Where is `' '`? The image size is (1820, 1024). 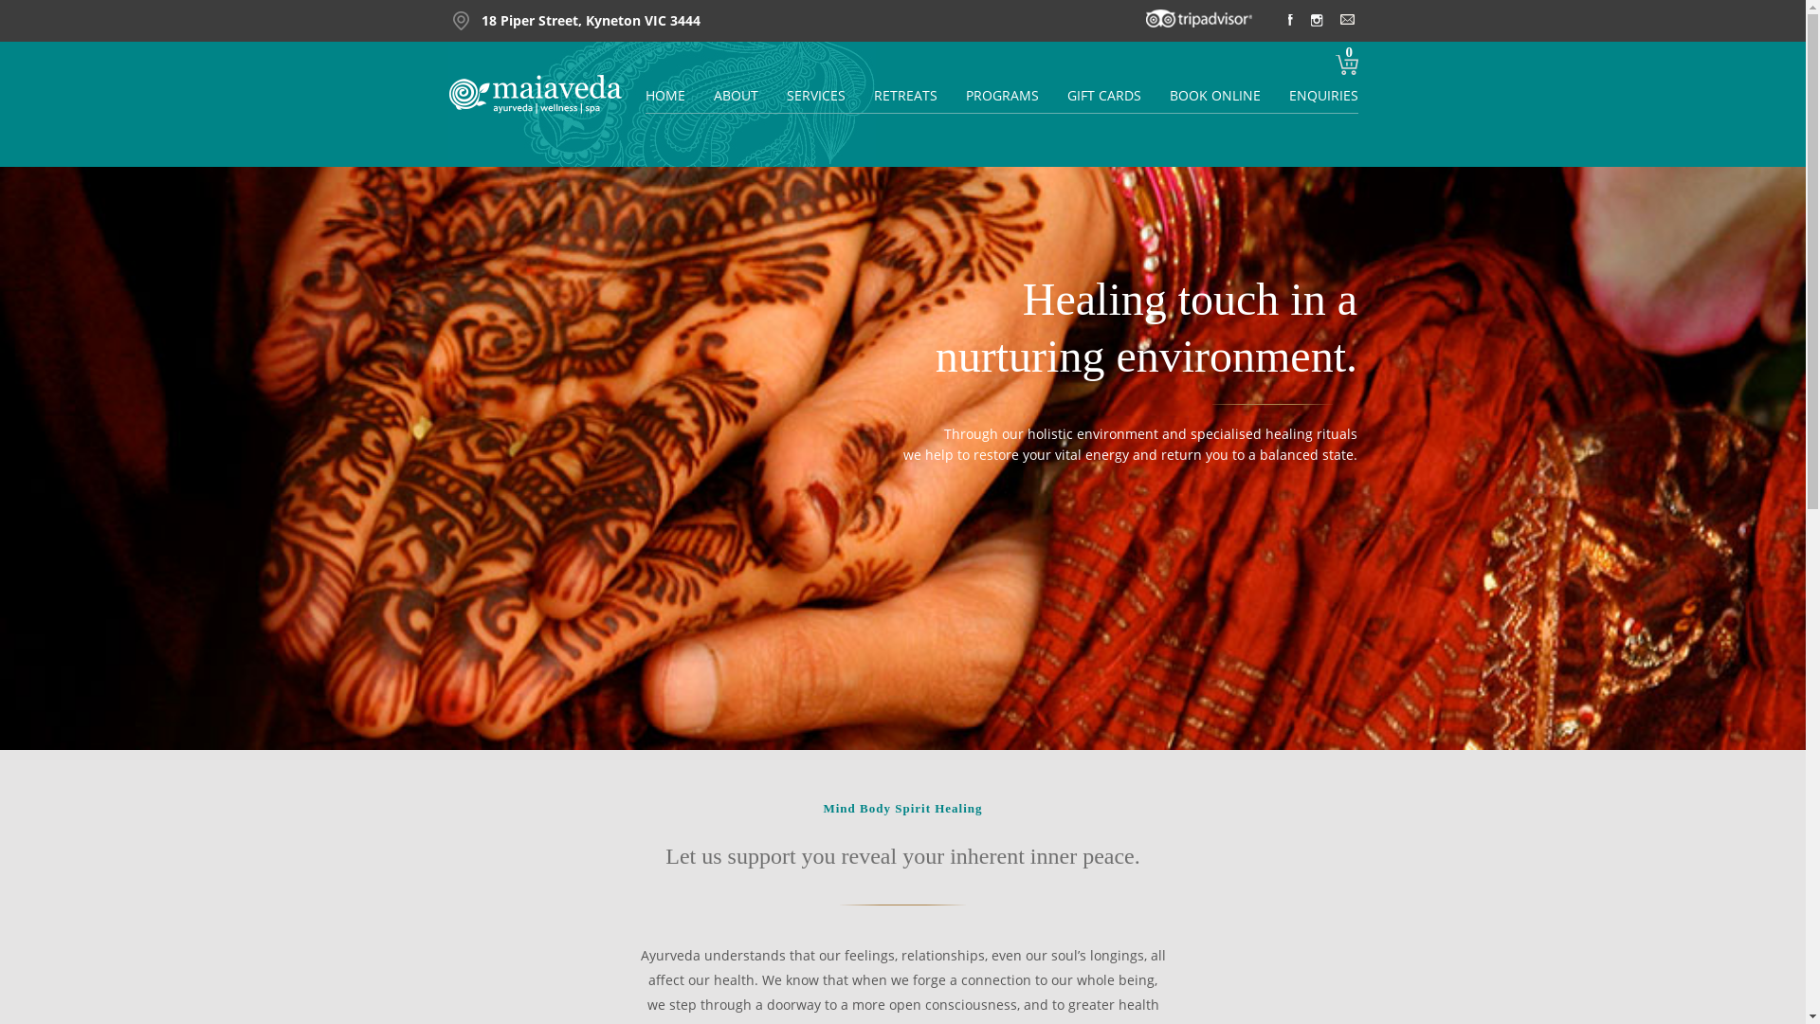
' ' is located at coordinates (1289, 21).